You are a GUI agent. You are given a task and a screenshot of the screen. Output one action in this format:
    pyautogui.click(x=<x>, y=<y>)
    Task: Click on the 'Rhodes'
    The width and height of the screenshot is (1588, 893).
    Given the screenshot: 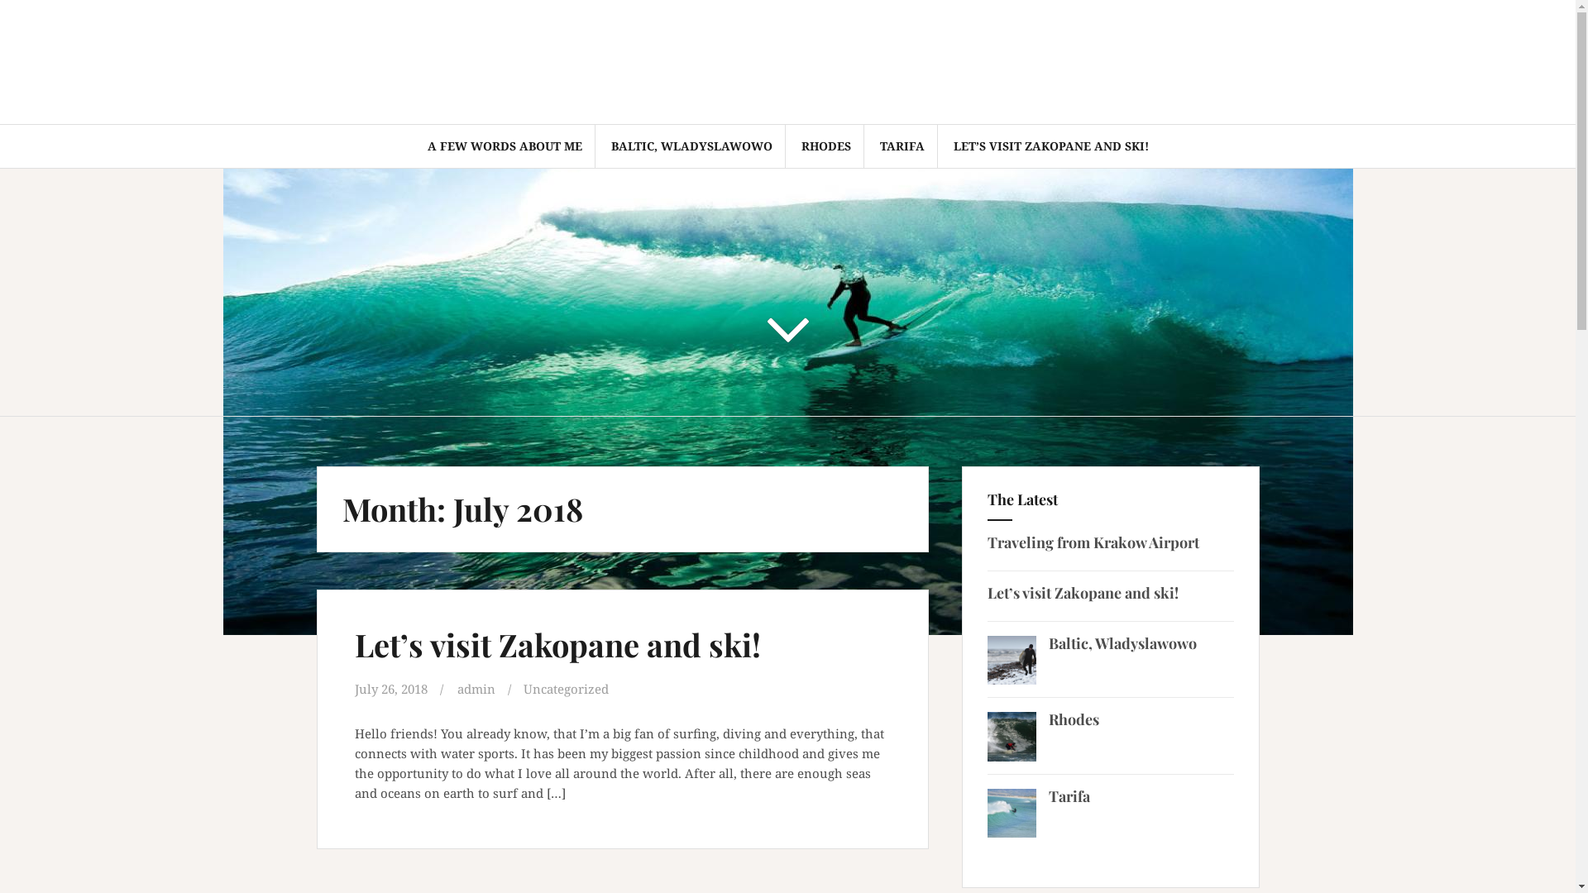 What is the action you would take?
    pyautogui.click(x=1074, y=719)
    